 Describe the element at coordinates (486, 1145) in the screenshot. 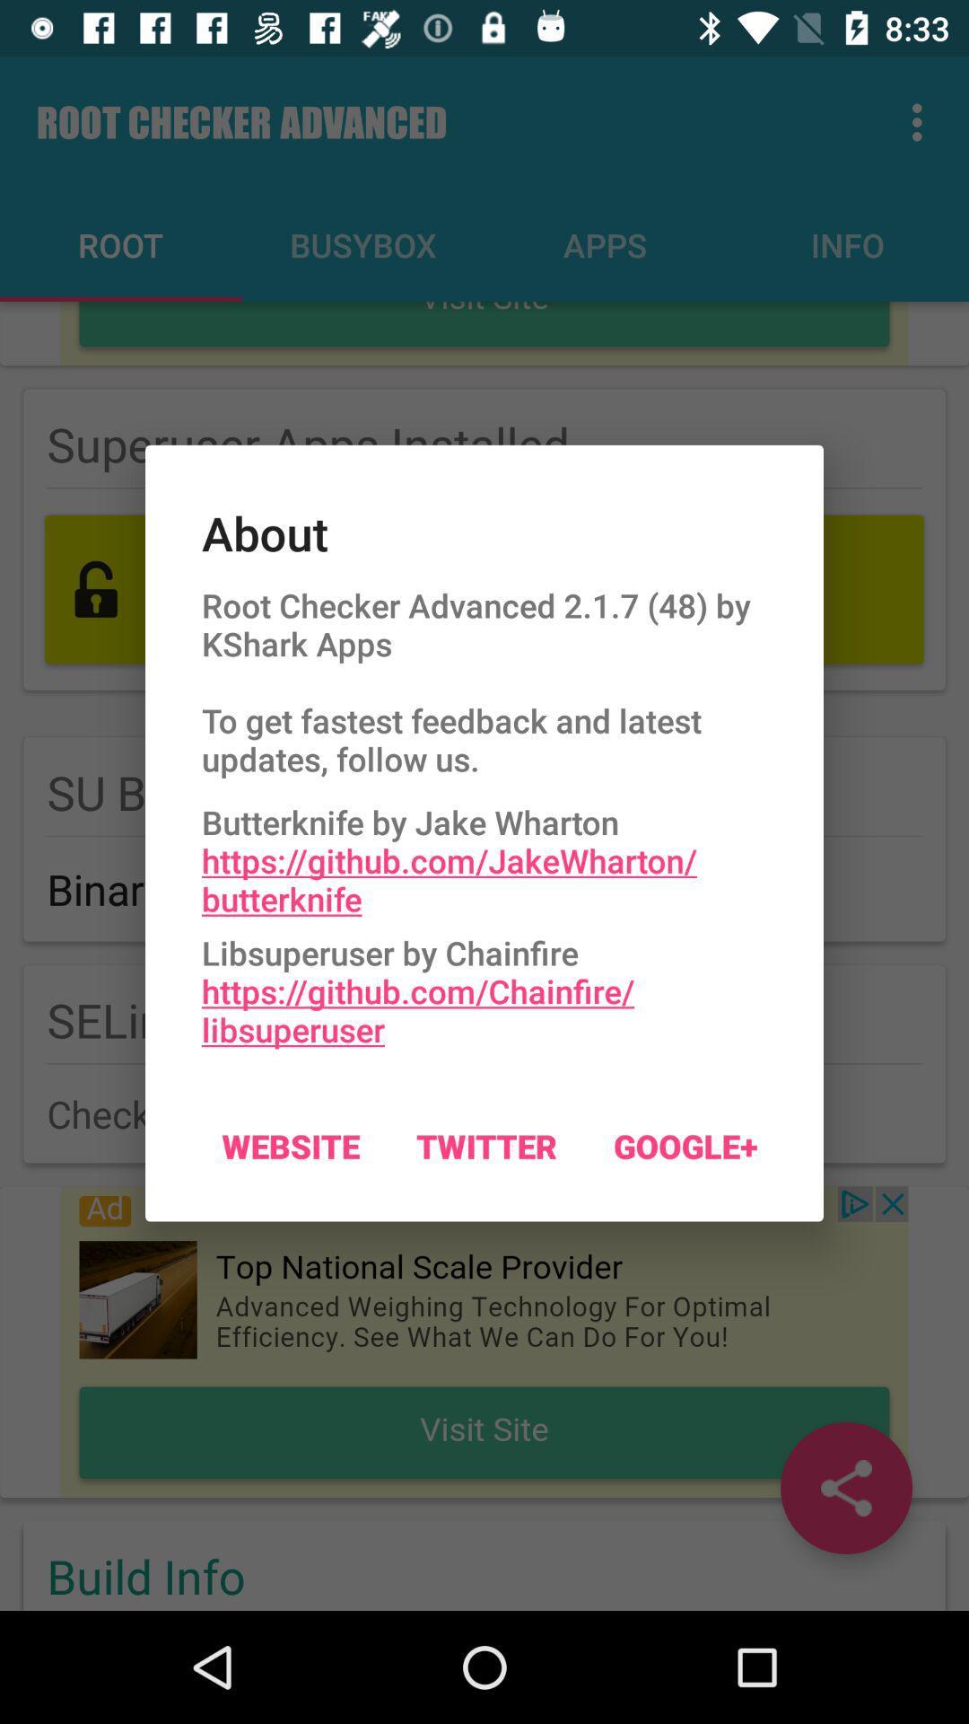

I see `the twitter icon` at that location.